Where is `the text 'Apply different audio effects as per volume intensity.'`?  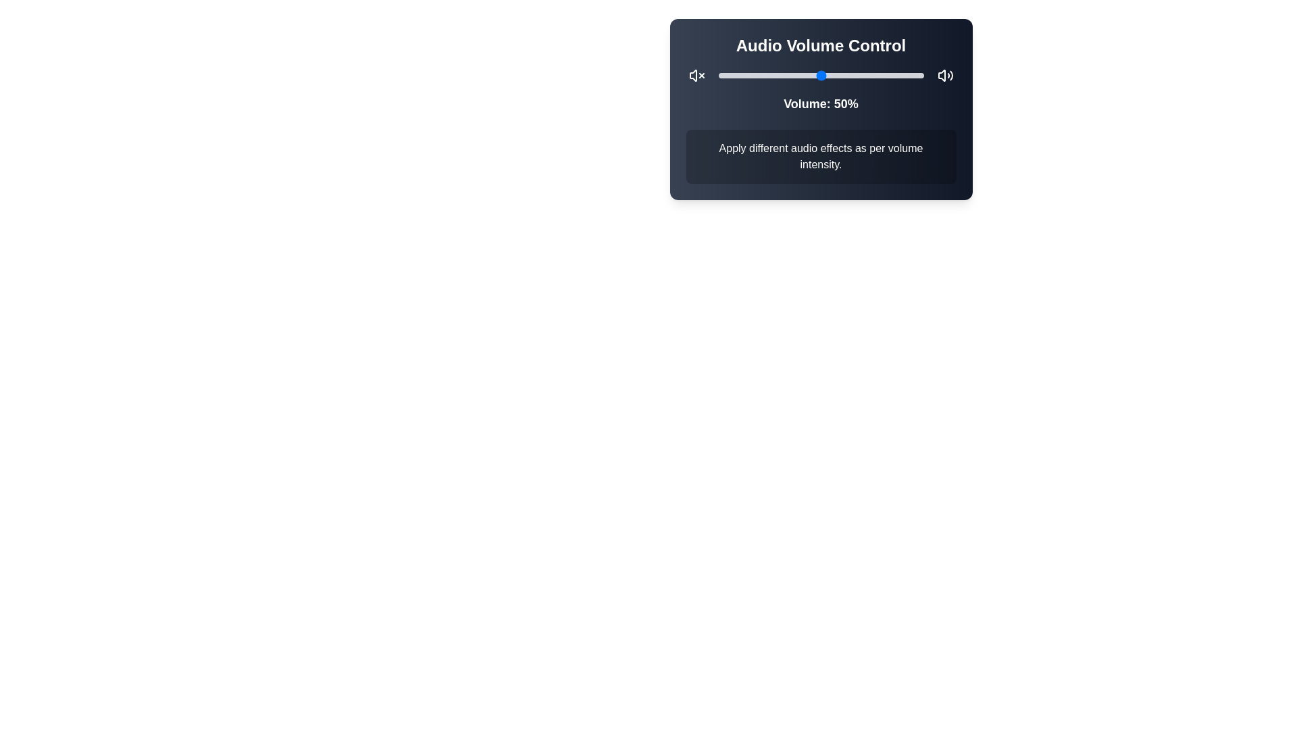 the text 'Apply different audio effects as per volume intensity.' is located at coordinates (820, 155).